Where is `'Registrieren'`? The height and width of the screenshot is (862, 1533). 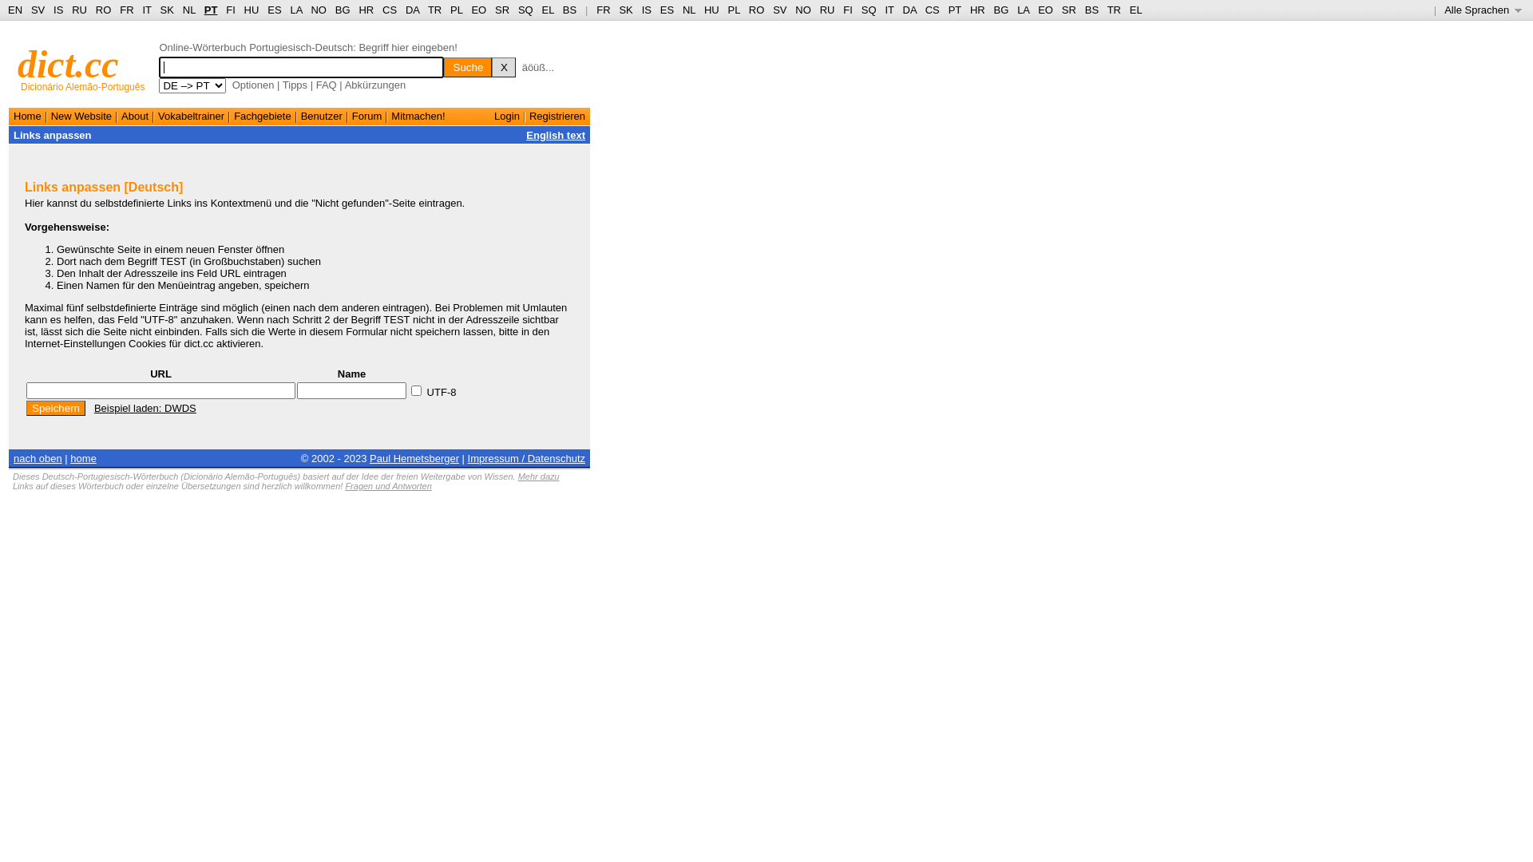 'Registrieren' is located at coordinates (557, 115).